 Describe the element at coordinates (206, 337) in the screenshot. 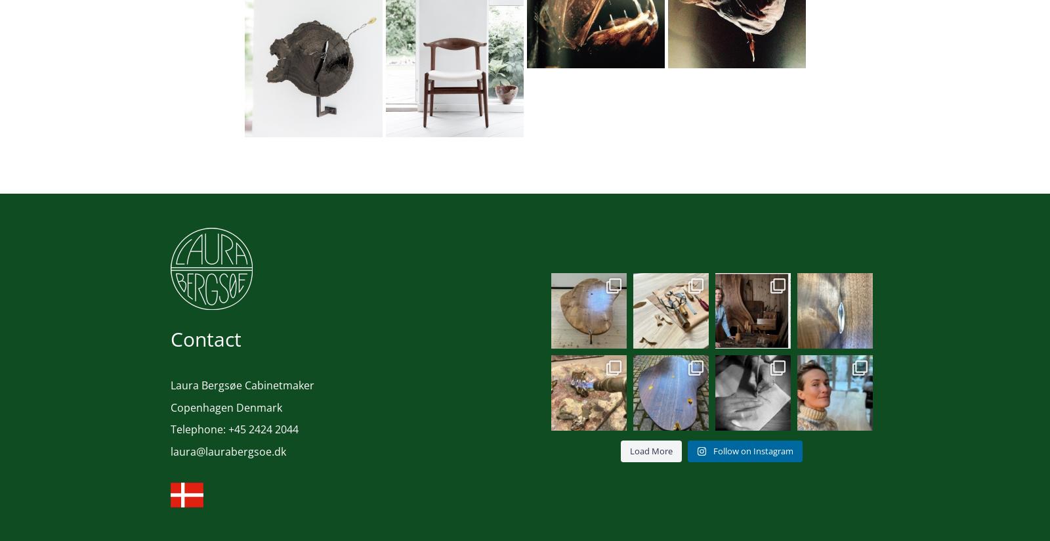

I see `'Contact'` at that location.